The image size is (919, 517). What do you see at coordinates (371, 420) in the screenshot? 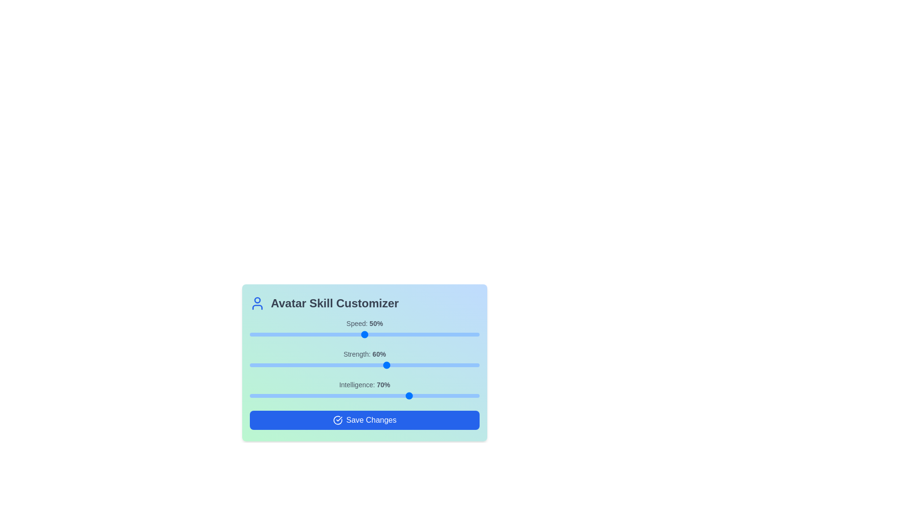
I see `the 'Save Changes' text label, which is displayed in white font on a blue background within a button located in the lower section of the 'Avatar Skill Customizer' panel` at bounding box center [371, 420].